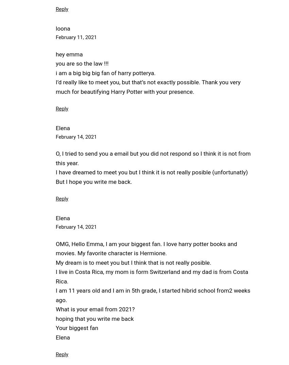 The width and height of the screenshot is (289, 365). Describe the element at coordinates (152, 276) in the screenshot. I see `'I live in Costa Rica, my mom is form Switzerland and my dad is from Costa Rica.'` at that location.